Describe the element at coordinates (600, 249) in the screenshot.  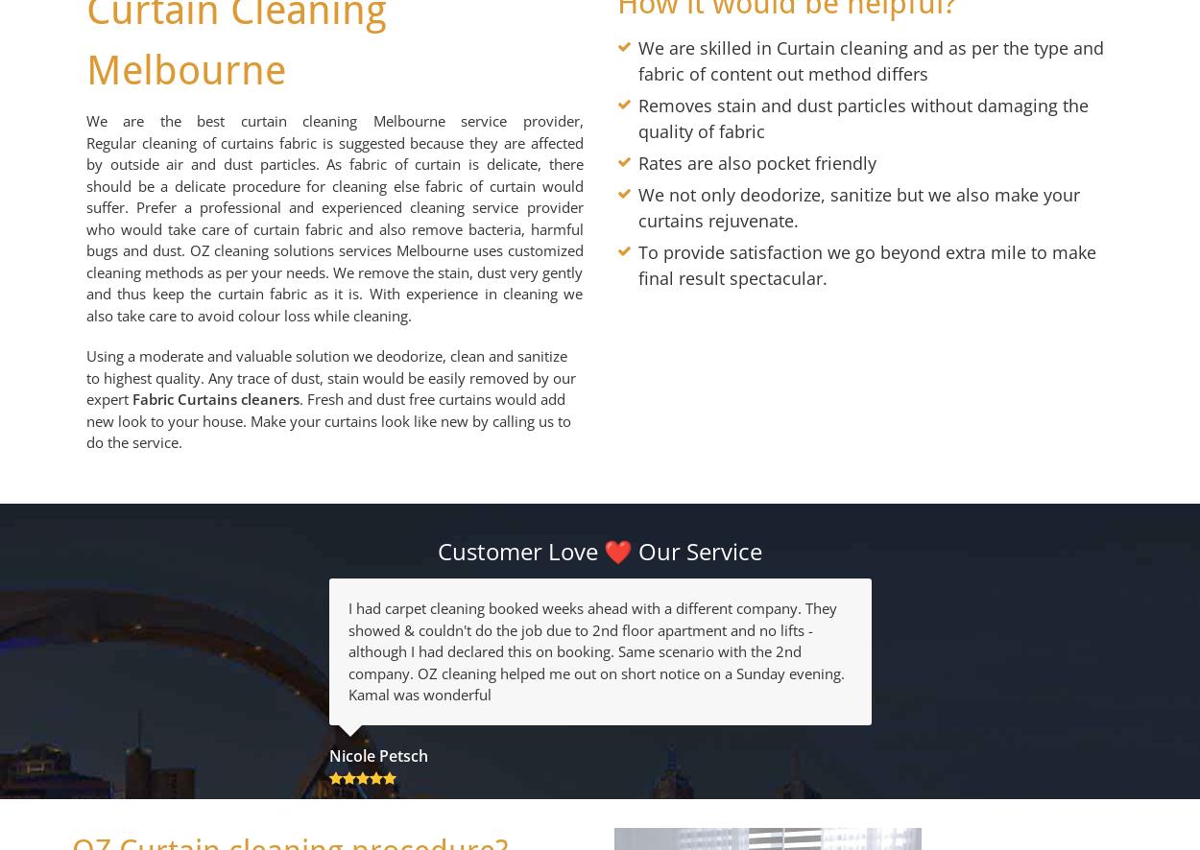
I see `'Contact Us'` at that location.